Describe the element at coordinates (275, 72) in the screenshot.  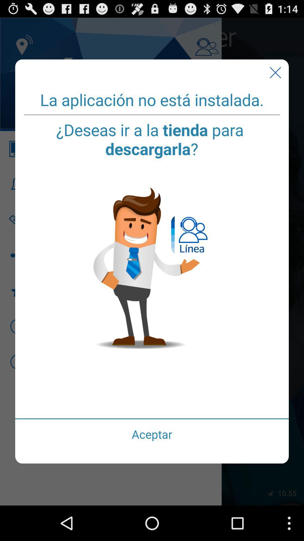
I see `this popup` at that location.